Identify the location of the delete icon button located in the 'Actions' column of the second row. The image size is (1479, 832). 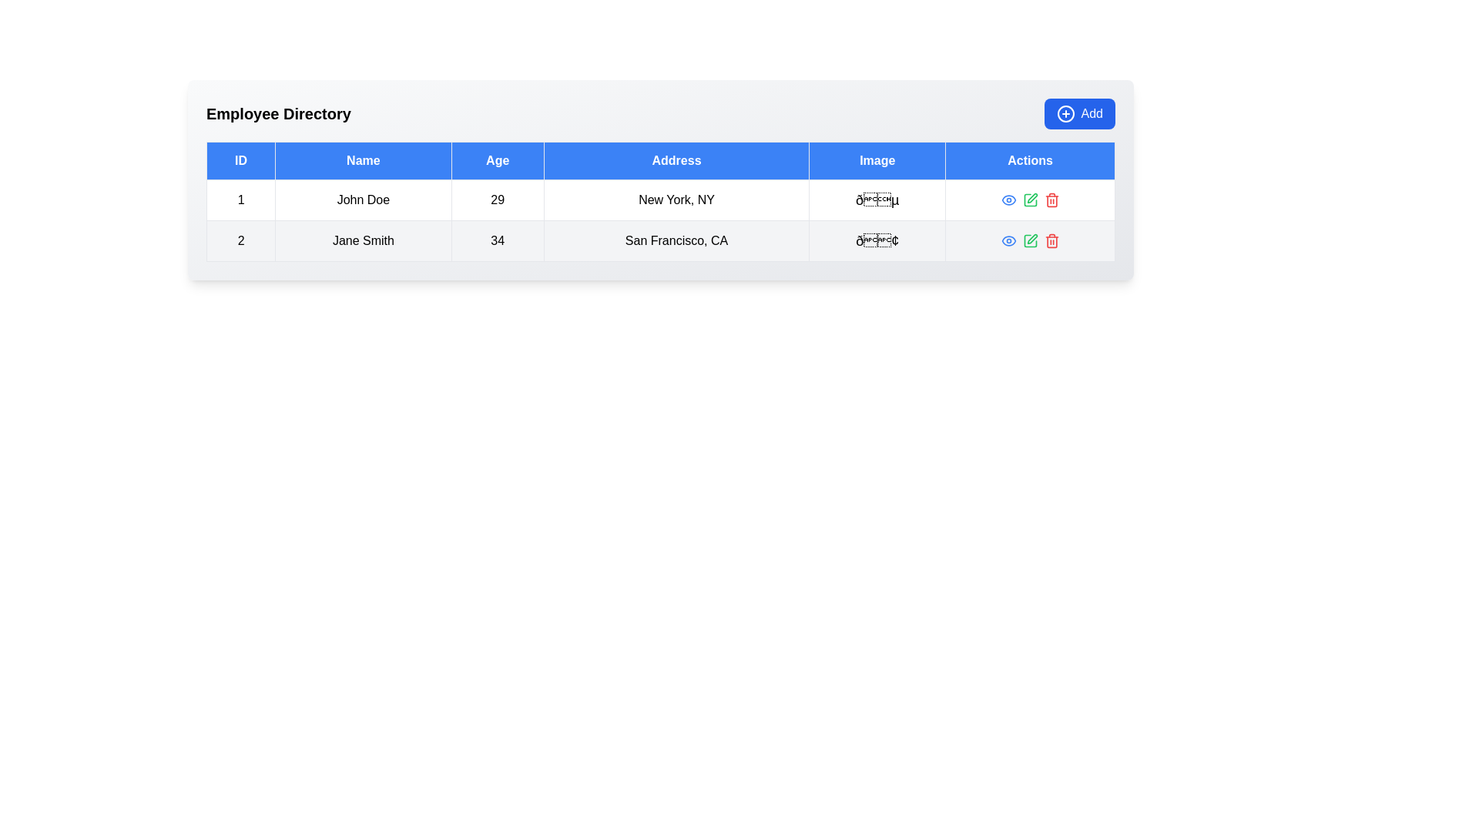
(1051, 240).